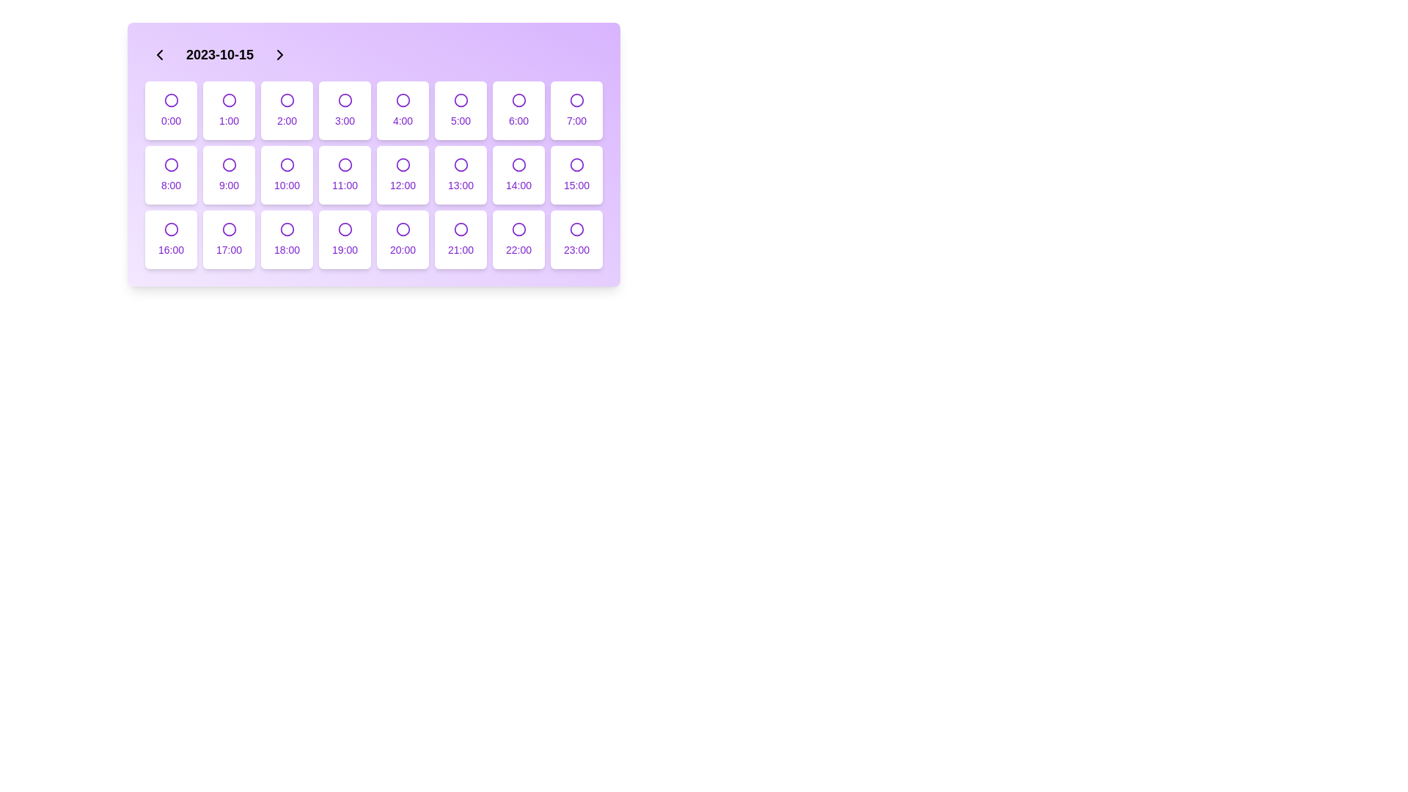  I want to click on the selectable icon representing 2:00 in the scheduling interface, so click(287, 100).